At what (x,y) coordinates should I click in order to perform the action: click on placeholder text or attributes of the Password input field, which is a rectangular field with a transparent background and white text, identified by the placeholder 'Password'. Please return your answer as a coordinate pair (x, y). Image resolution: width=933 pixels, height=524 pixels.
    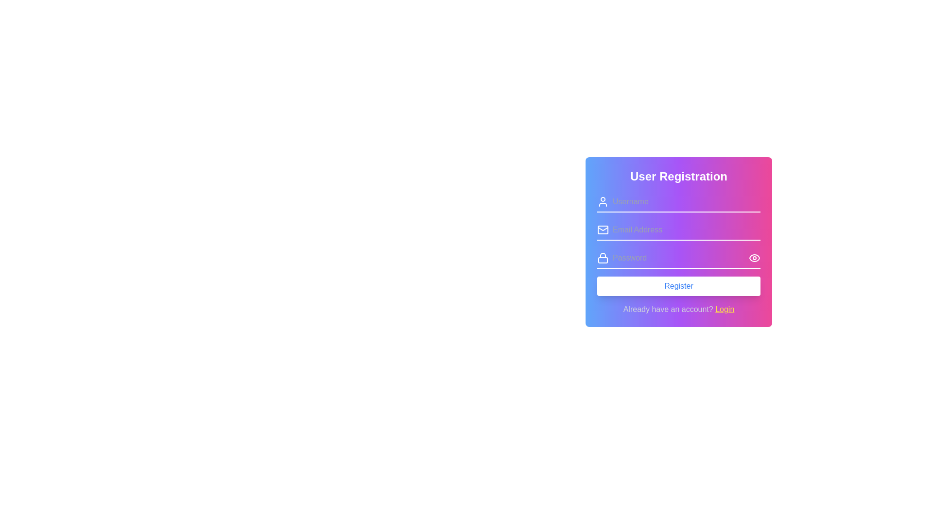
    Looking at the image, I should click on (678, 258).